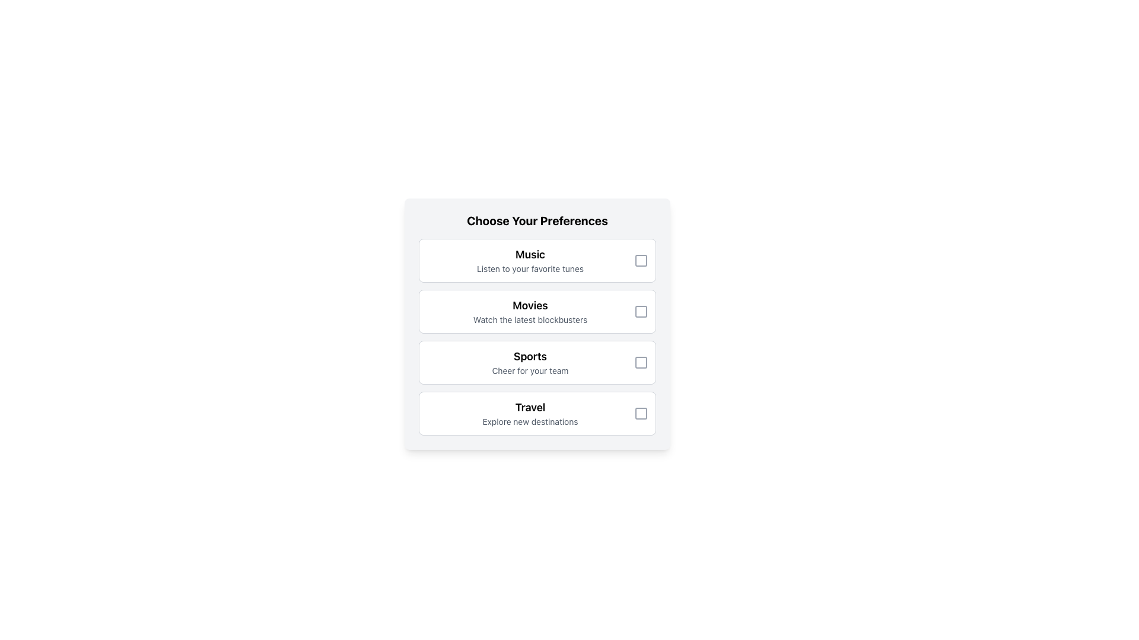 Image resolution: width=1139 pixels, height=640 pixels. I want to click on the checkbox, which is a square-shaped icon with a hollow interior and light gray outline, located to the right of the text 'Sports' in the 'SportsCheer for your team' selection option, so click(640, 362).